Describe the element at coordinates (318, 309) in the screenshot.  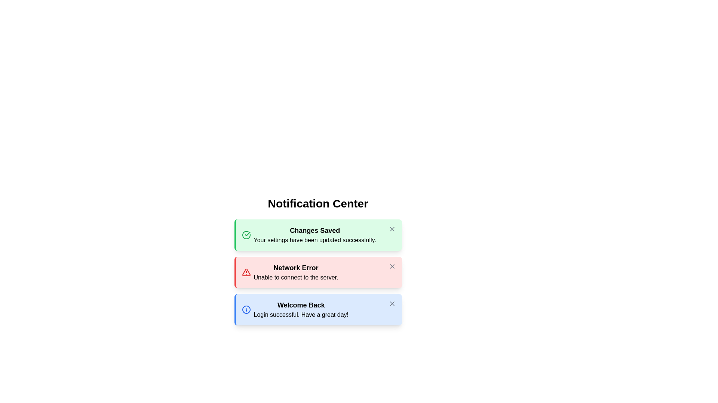
I see `text displayed in the Notification Box with the title 'Welcome Back' and the message 'Login successful. Have a great day!'` at that location.